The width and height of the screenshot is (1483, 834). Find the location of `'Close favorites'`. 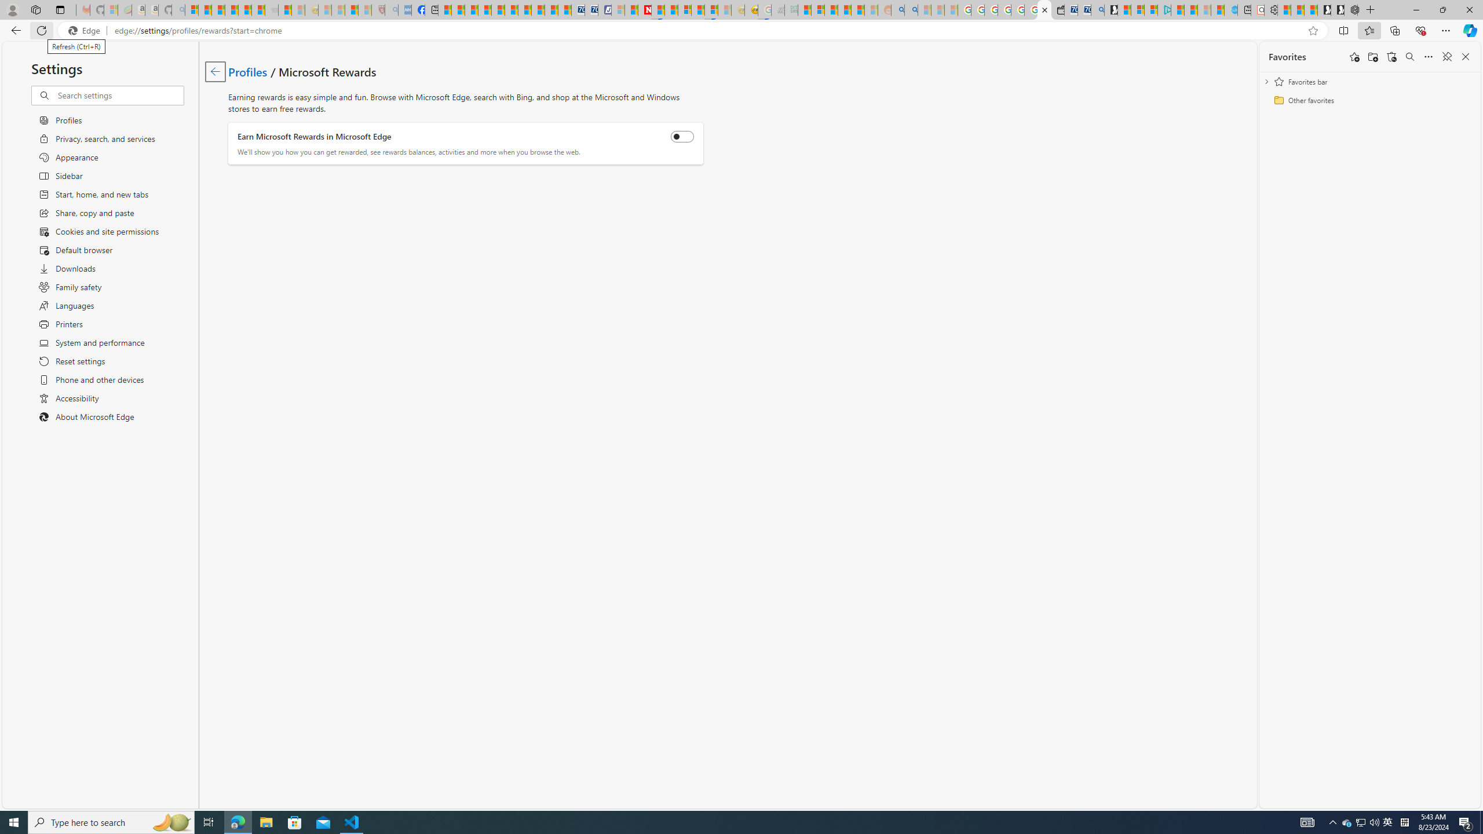

'Close favorites' is located at coordinates (1466, 56).